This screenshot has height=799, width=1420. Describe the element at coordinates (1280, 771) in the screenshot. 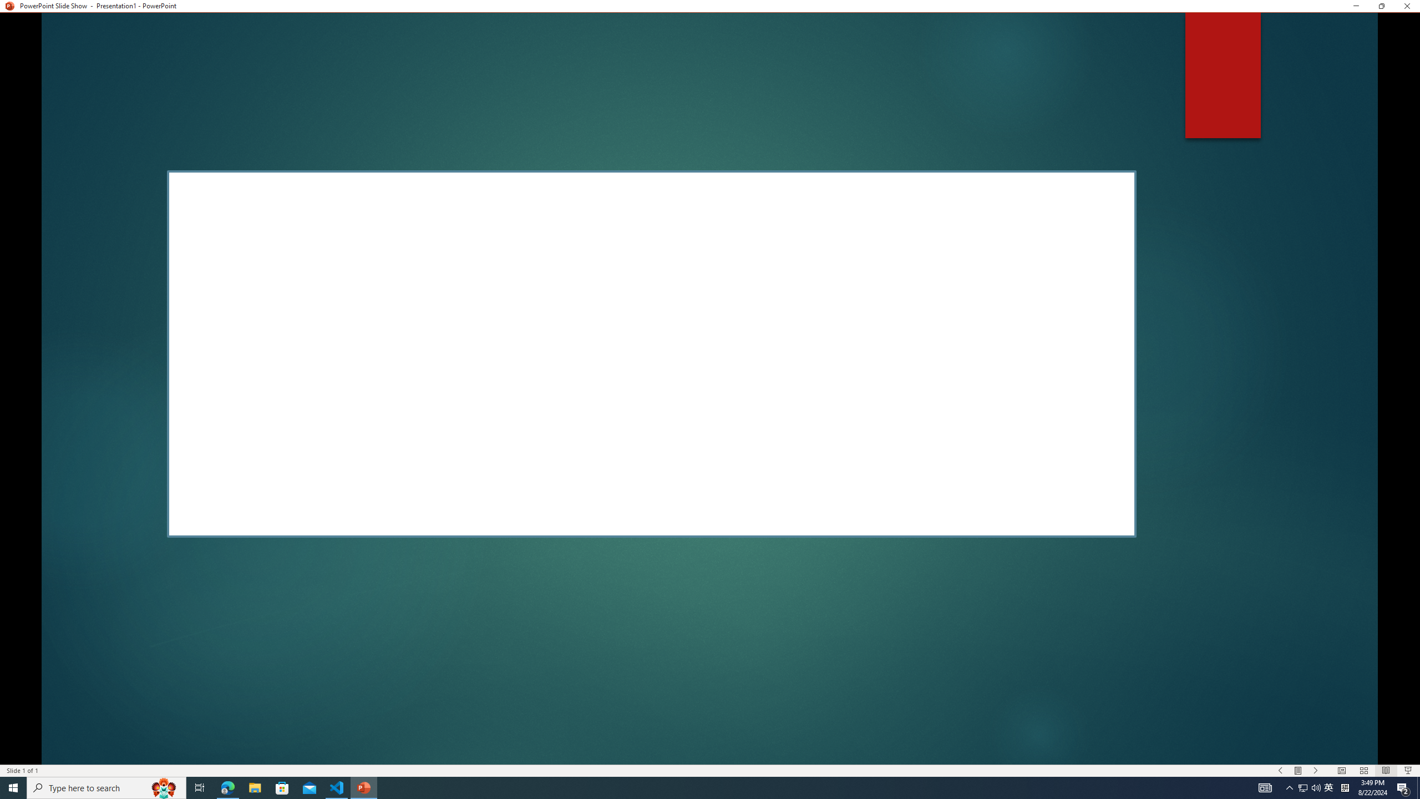

I see `'Slide Show Previous On'` at that location.